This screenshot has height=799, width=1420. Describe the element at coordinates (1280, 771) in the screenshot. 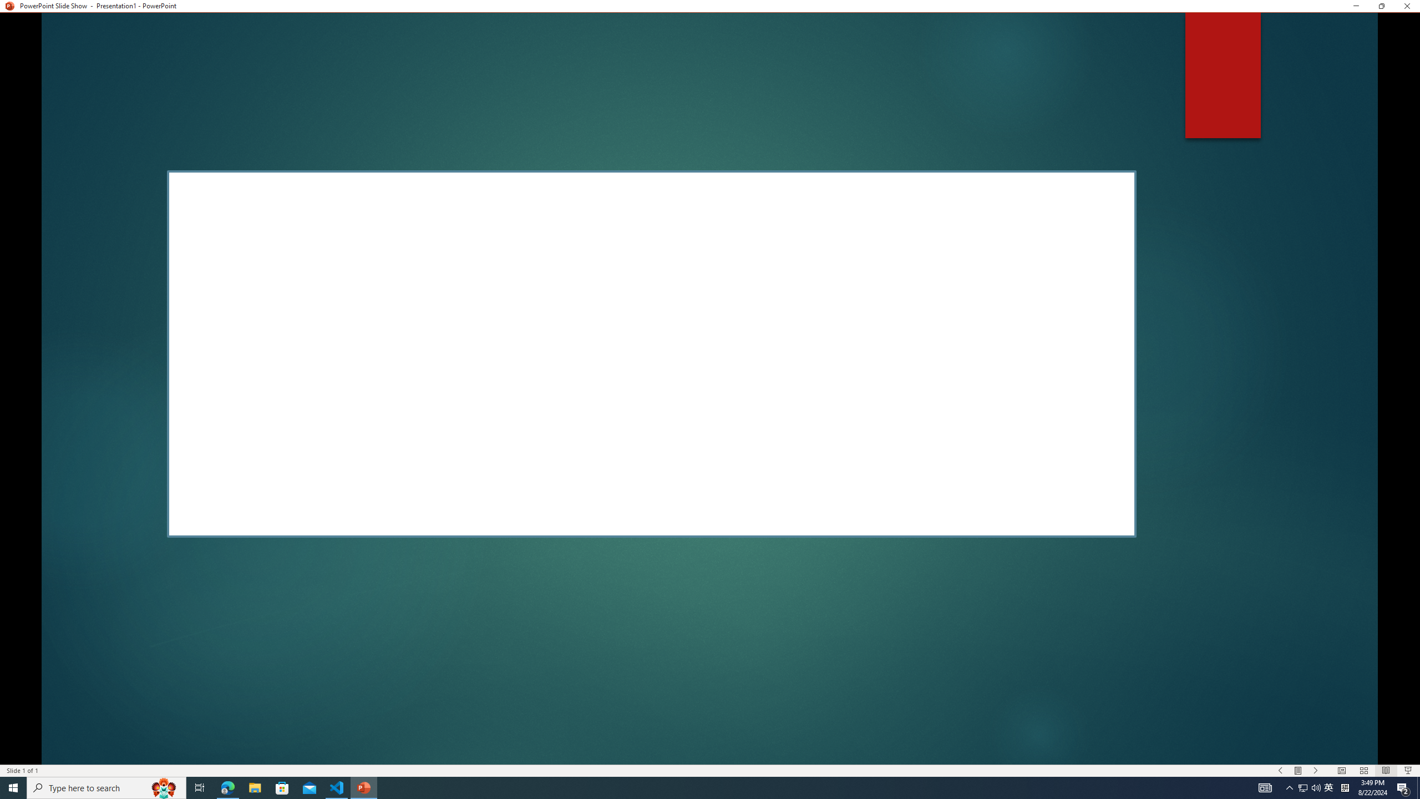

I see `'Slide Show Previous On'` at that location.